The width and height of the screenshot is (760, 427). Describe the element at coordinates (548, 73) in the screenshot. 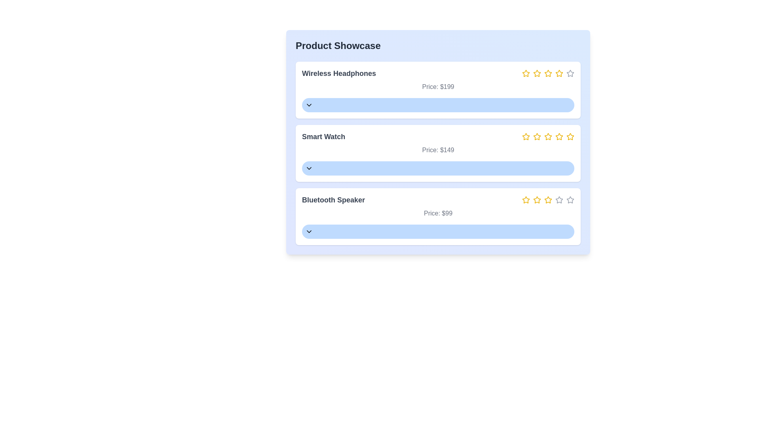

I see `the third star icon in the rating sequence located to the right of the 'Wireless Headphones' text` at that location.